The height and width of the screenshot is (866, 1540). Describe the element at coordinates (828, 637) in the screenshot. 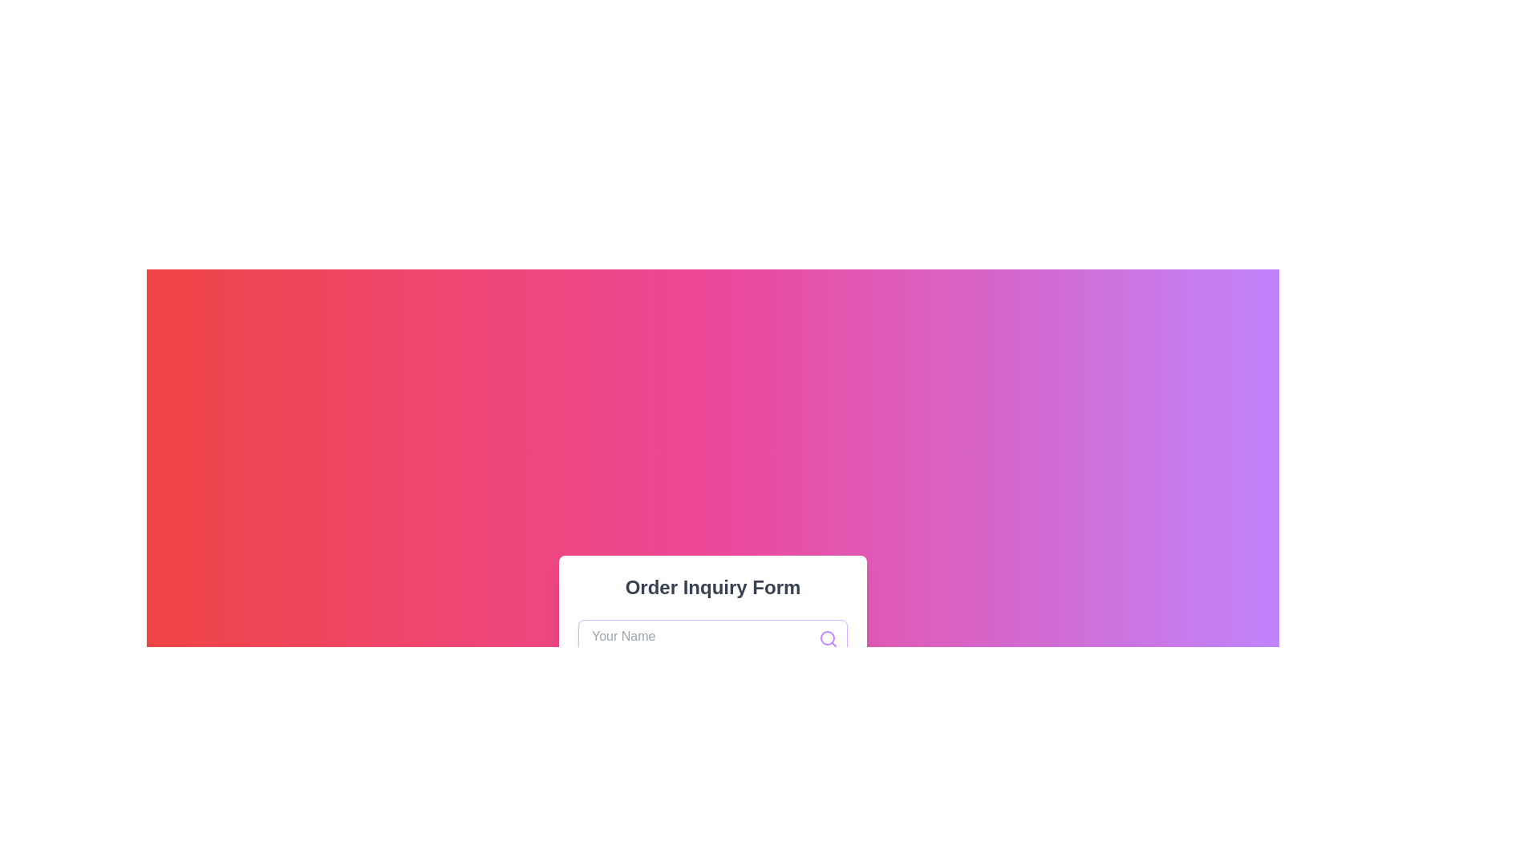

I see `the visual function of the circular vector graphic element within the search icon of the 'Order Inquiry Form', located to the right of the 'Your Name' text input field` at that location.